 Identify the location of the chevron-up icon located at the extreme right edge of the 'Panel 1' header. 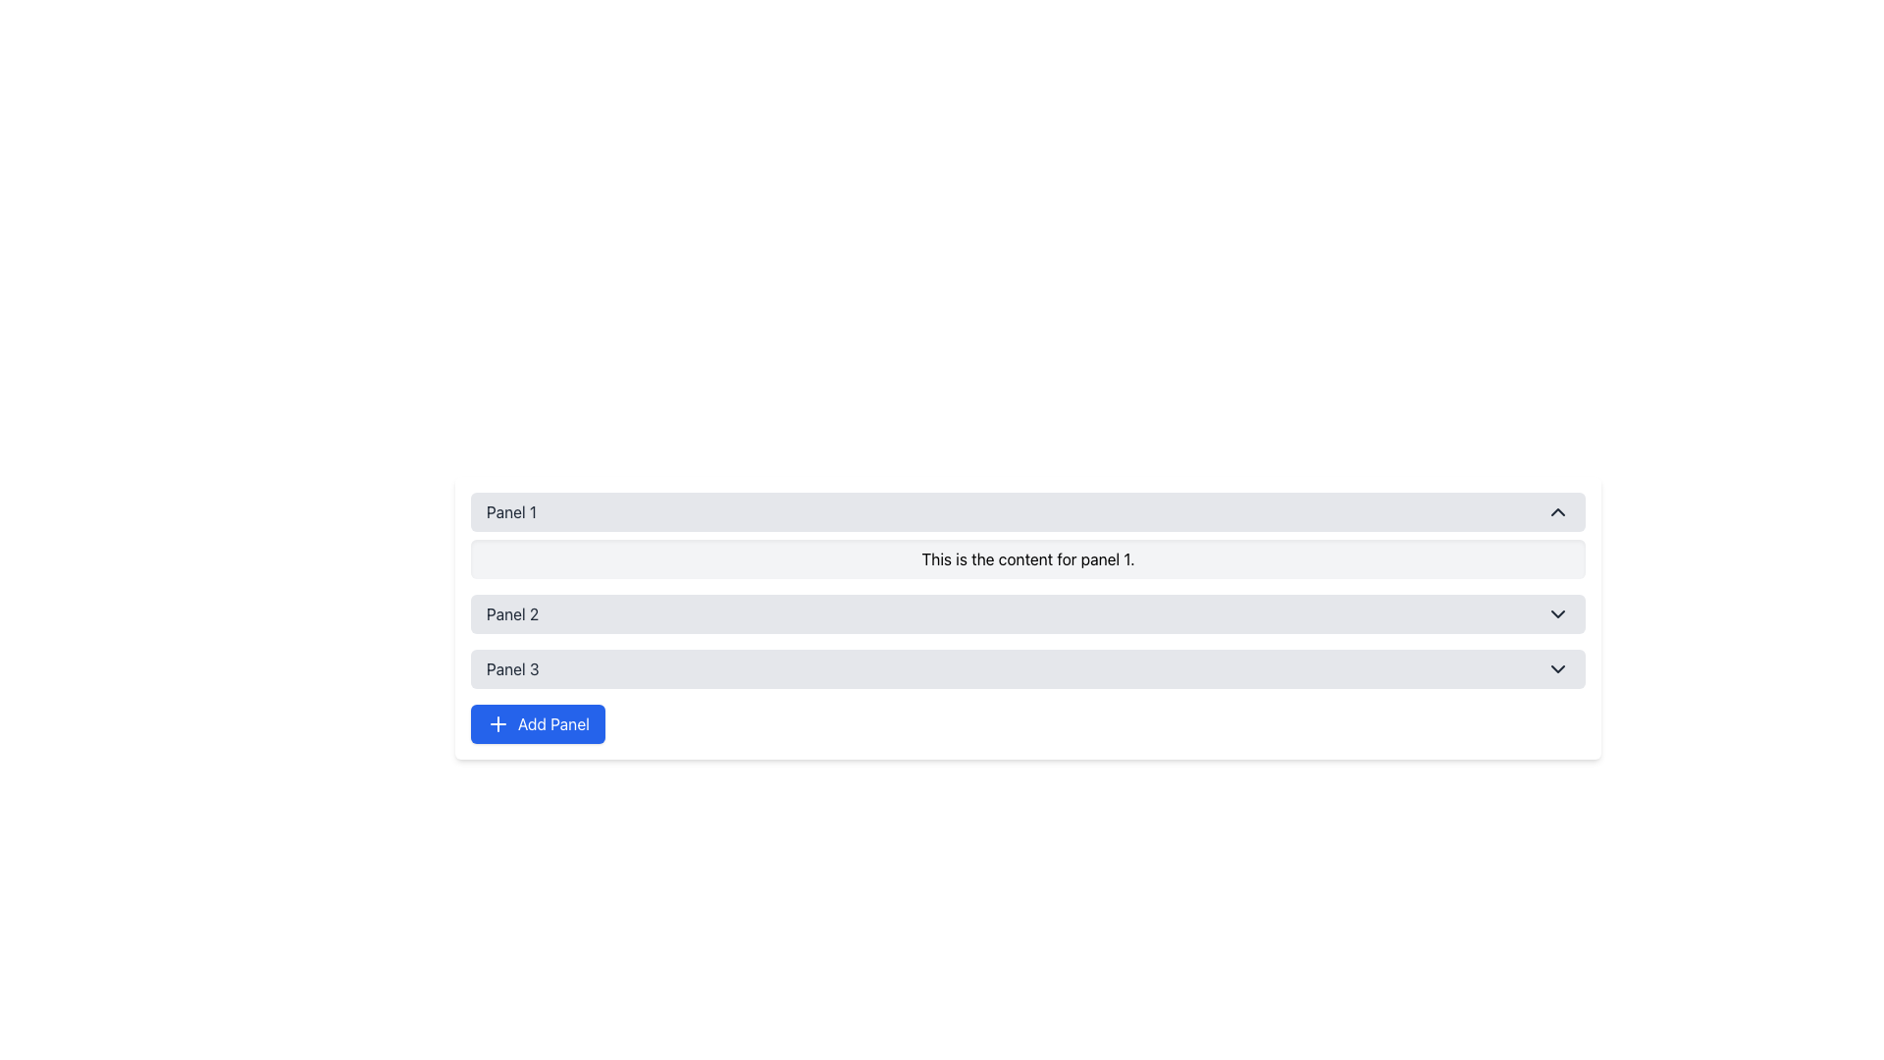
(1557, 510).